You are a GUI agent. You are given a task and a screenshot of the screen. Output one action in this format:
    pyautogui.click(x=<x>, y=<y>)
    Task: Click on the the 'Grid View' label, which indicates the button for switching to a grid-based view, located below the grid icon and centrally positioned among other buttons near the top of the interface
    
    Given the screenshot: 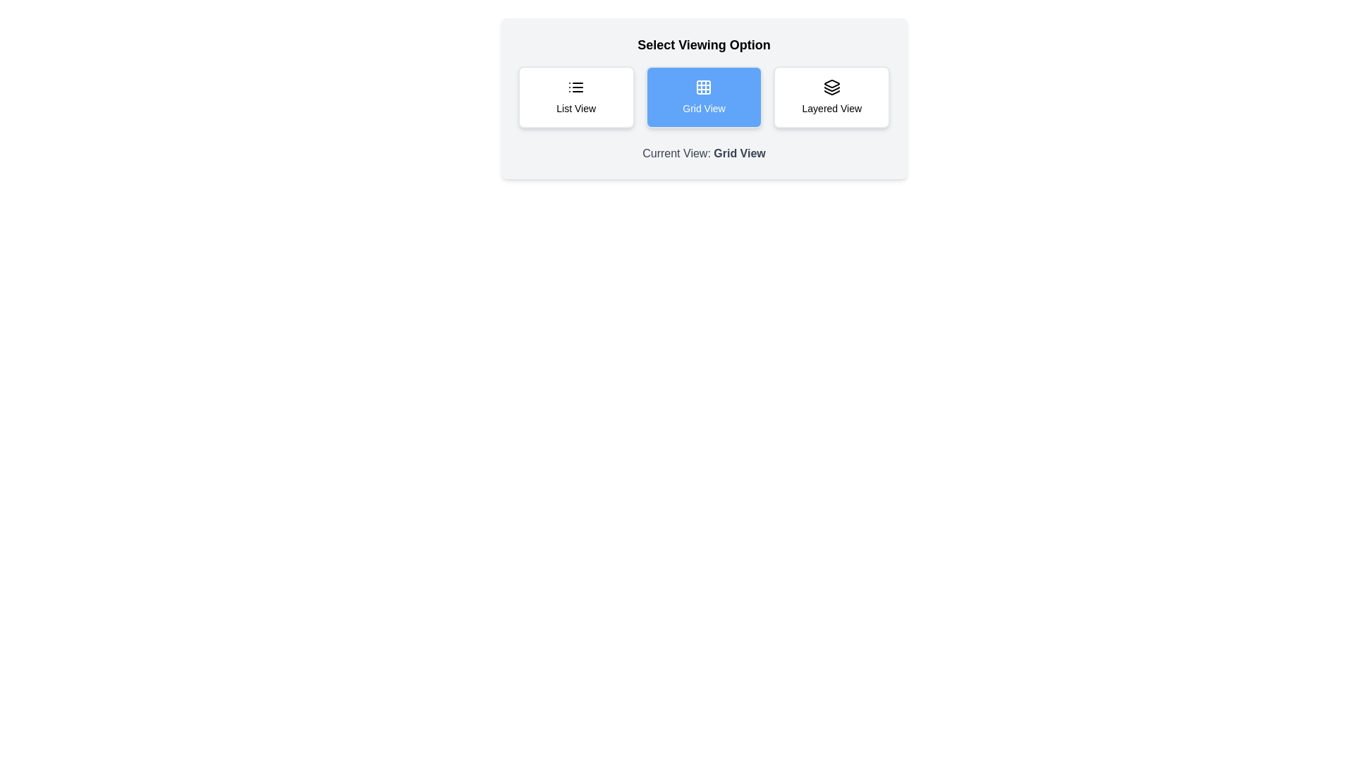 What is the action you would take?
    pyautogui.click(x=704, y=108)
    